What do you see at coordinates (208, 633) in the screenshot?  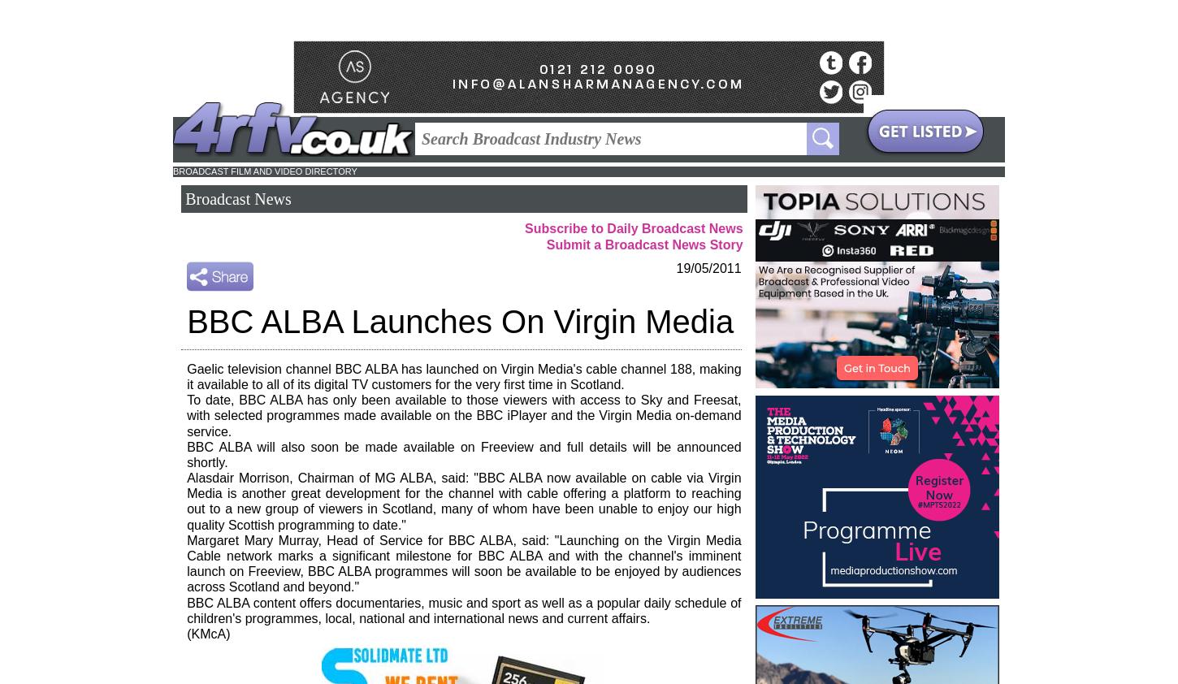 I see `'(KMcA)'` at bounding box center [208, 633].